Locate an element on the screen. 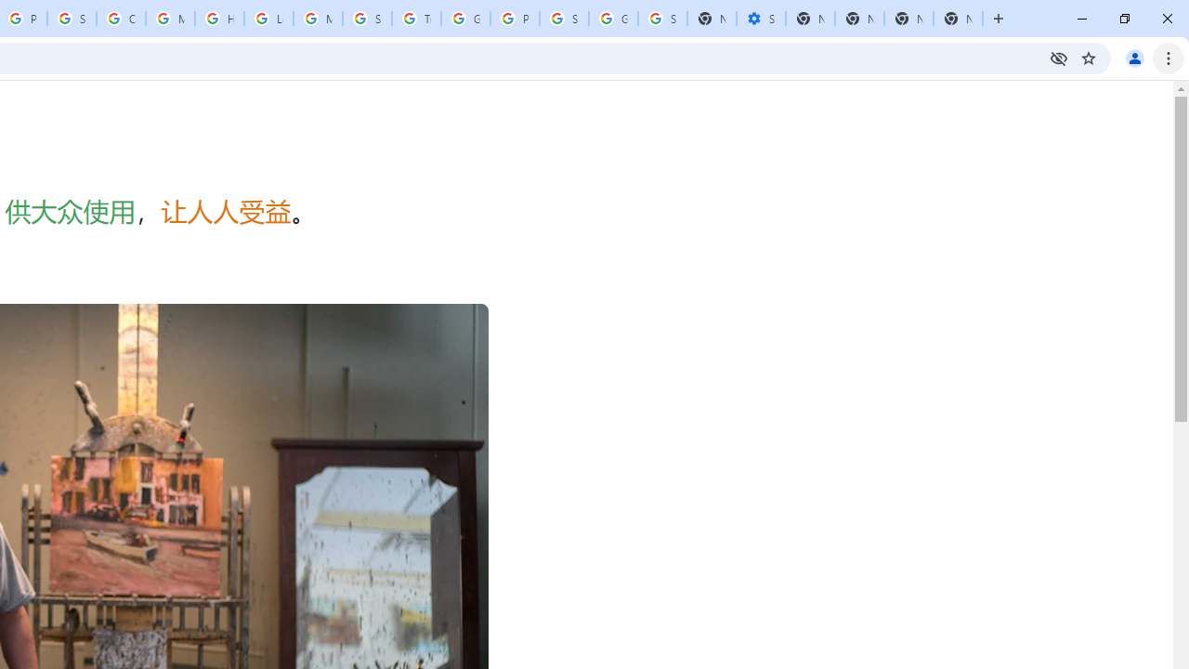 This screenshot has width=1189, height=669. 'New Tab' is located at coordinates (998, 19).